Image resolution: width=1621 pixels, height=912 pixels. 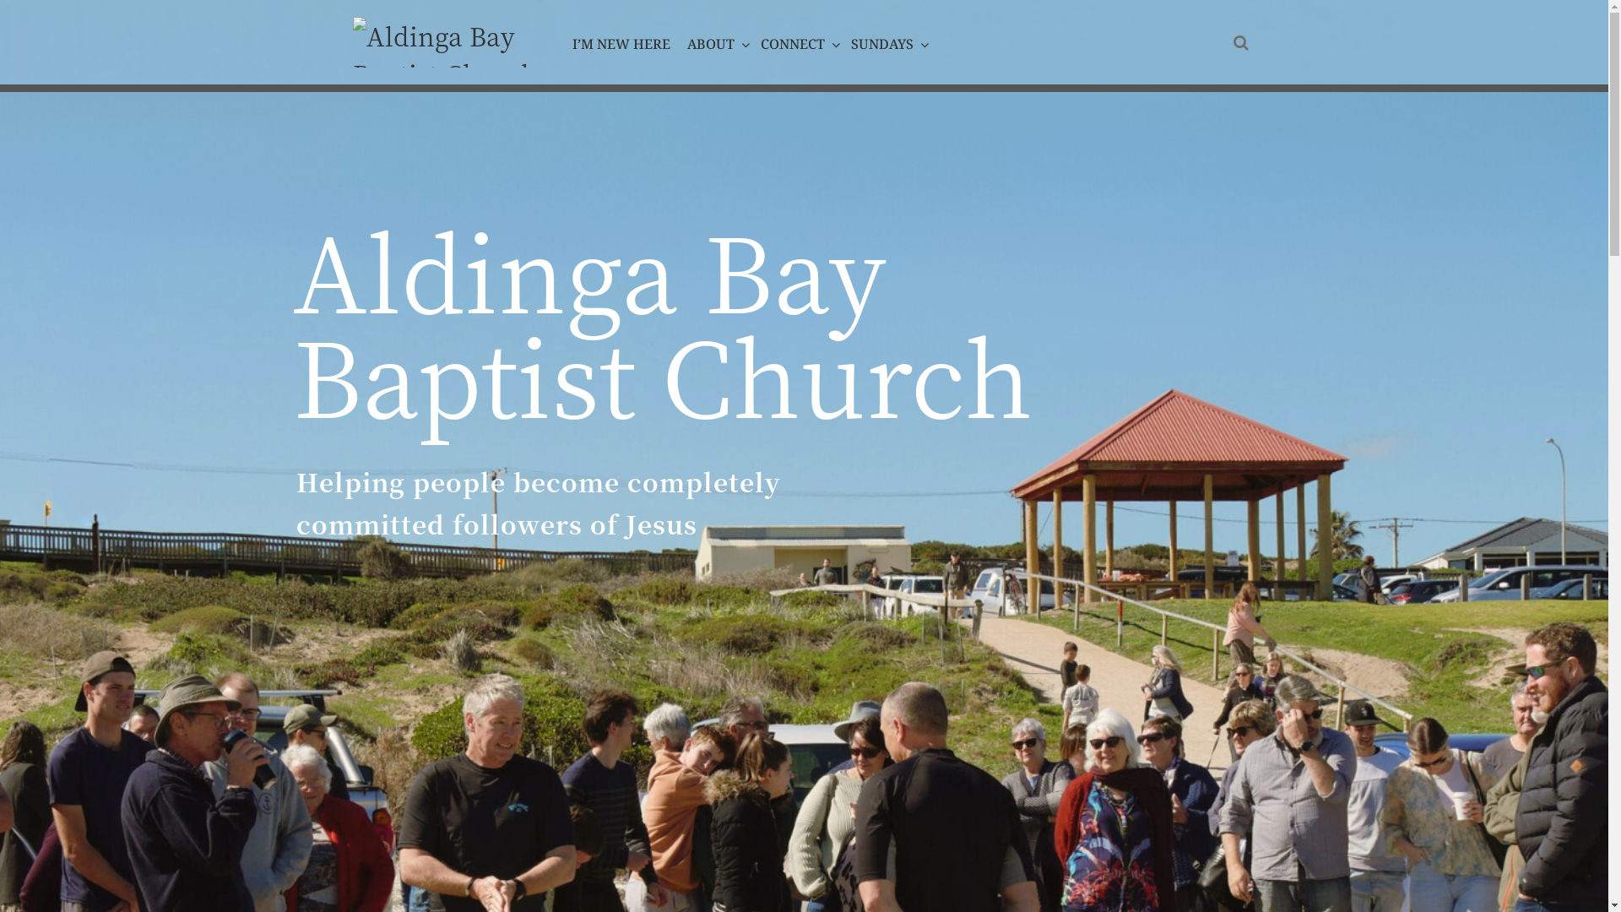 What do you see at coordinates (715, 42) in the screenshot?
I see `'ABOUT'` at bounding box center [715, 42].